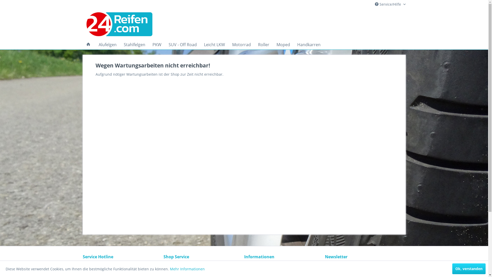 This screenshot has height=277, width=492. Describe the element at coordinates (132, 24) in the screenshot. I see `'24Reifen.com'` at that location.